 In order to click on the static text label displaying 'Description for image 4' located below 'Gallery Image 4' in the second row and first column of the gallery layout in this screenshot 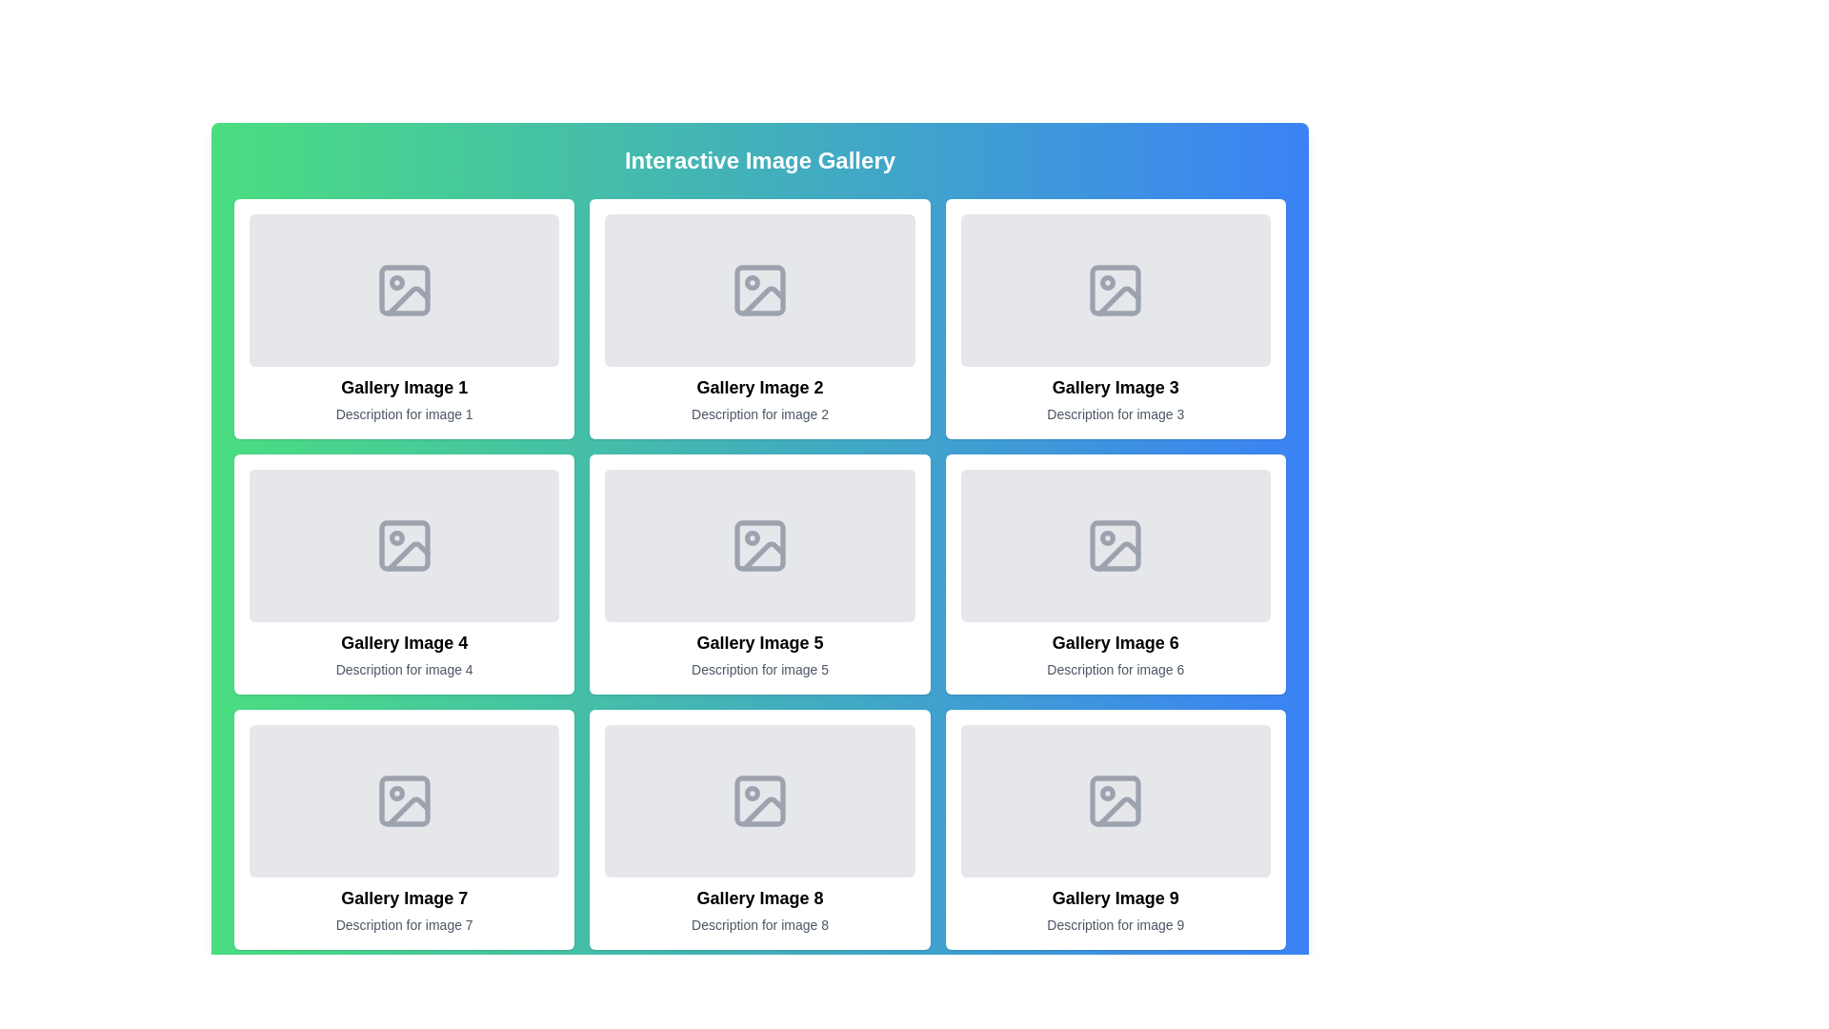, I will do `click(403, 668)`.